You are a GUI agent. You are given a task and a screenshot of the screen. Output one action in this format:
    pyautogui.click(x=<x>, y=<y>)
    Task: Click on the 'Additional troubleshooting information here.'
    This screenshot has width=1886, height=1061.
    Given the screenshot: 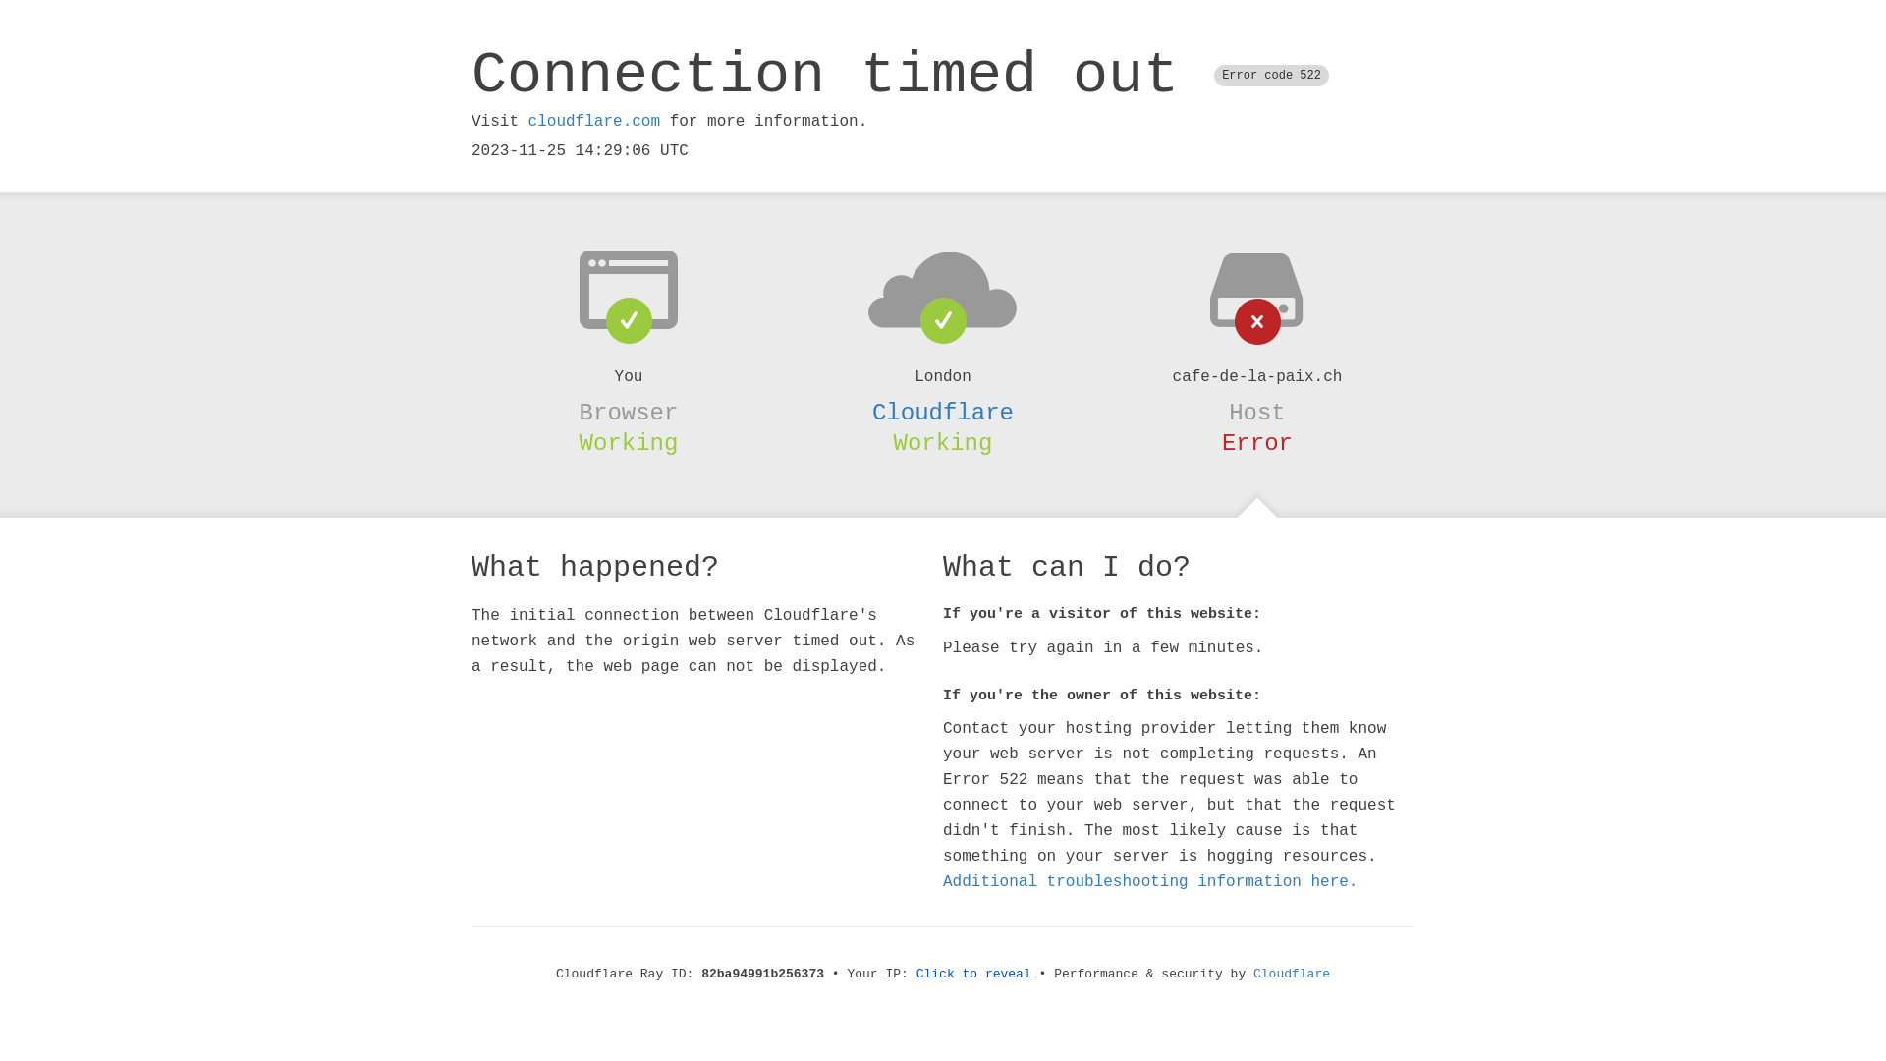 What is the action you would take?
    pyautogui.click(x=1150, y=881)
    